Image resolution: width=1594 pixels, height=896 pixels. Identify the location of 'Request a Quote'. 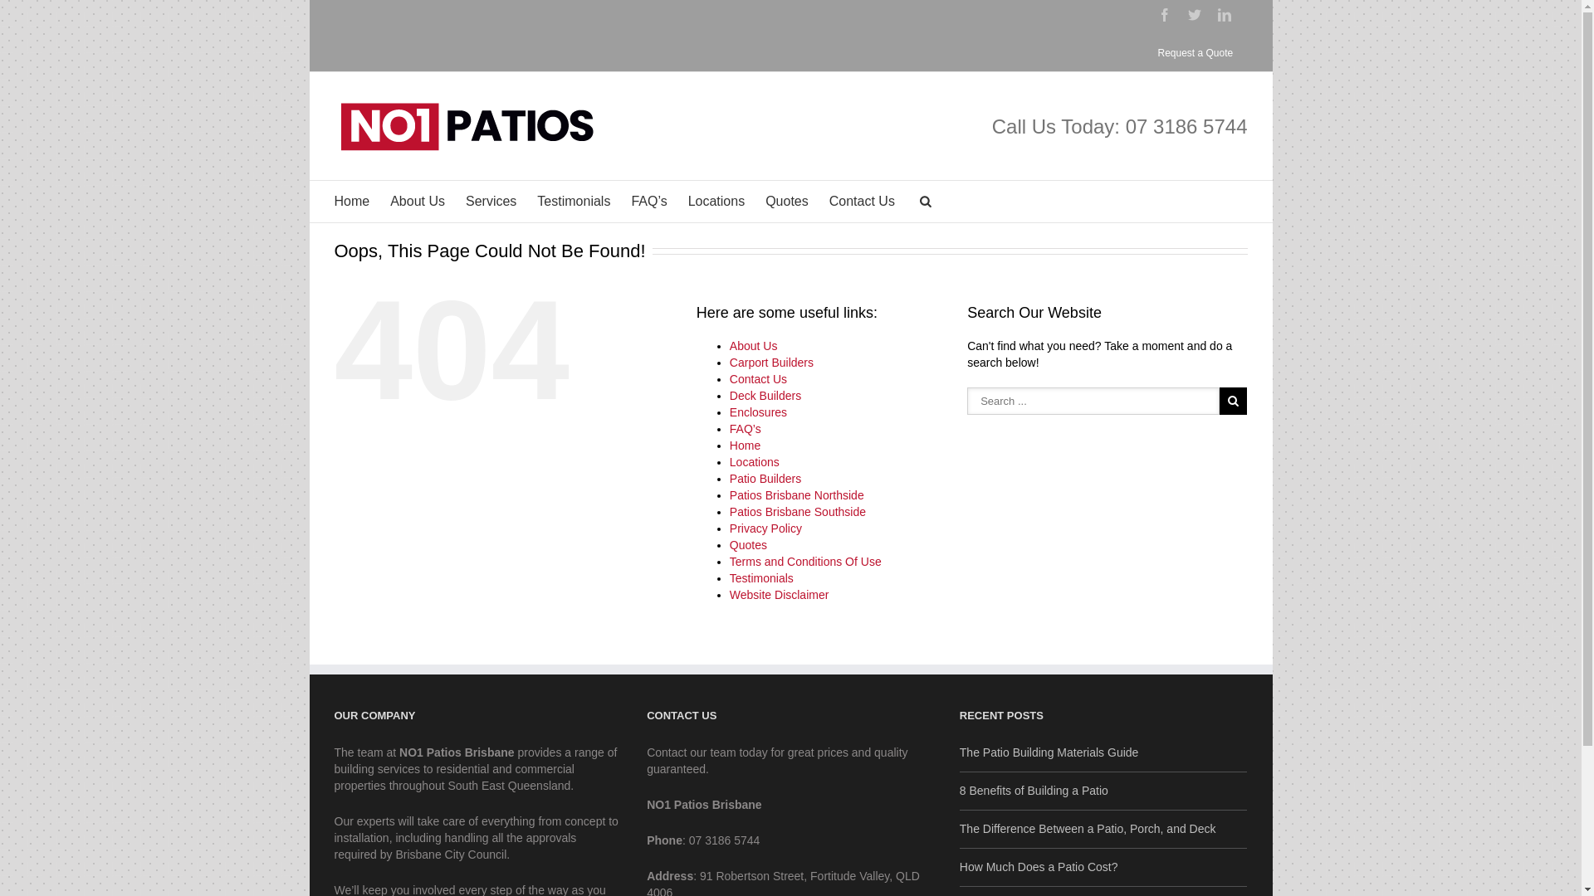
(1194, 52).